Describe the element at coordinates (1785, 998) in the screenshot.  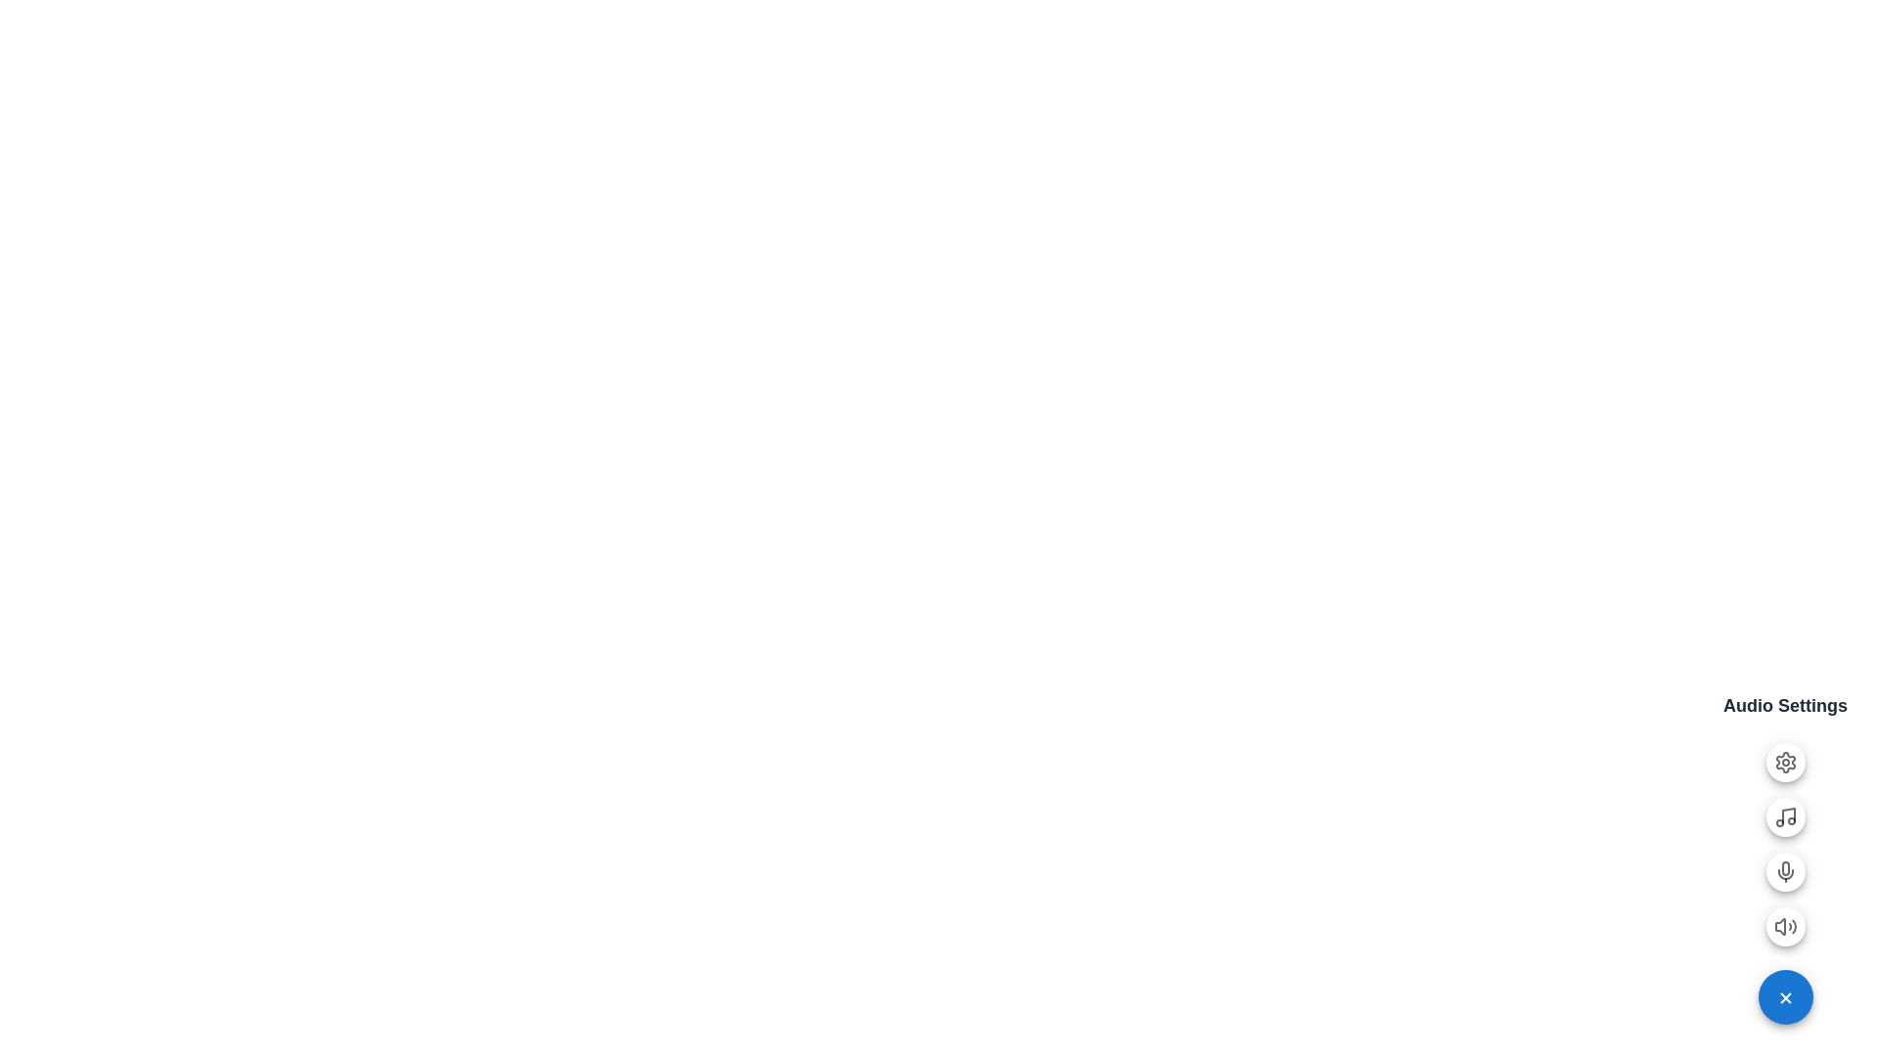
I see `the bottom-most circular button in the vertical stack located in the bottom-right corner of the interface` at that location.